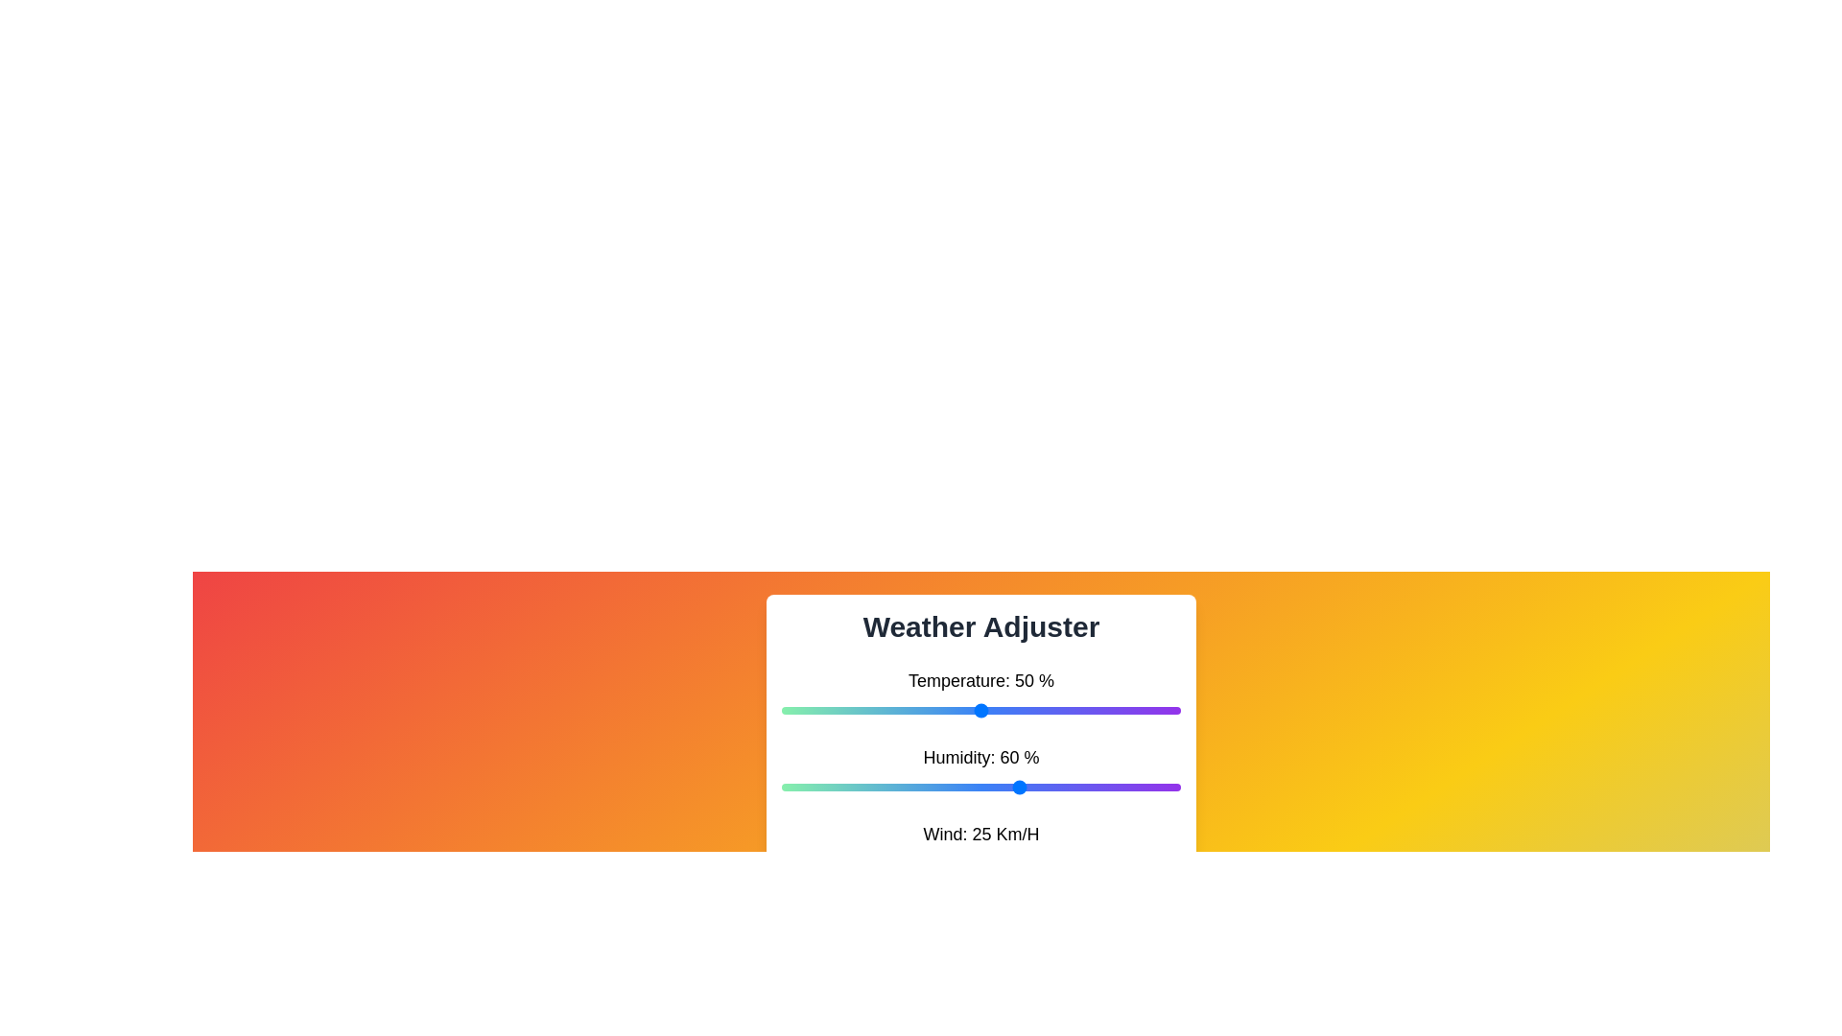 This screenshot has height=1036, width=1842. Describe the element at coordinates (825, 710) in the screenshot. I see `the temperature slider to 11%` at that location.